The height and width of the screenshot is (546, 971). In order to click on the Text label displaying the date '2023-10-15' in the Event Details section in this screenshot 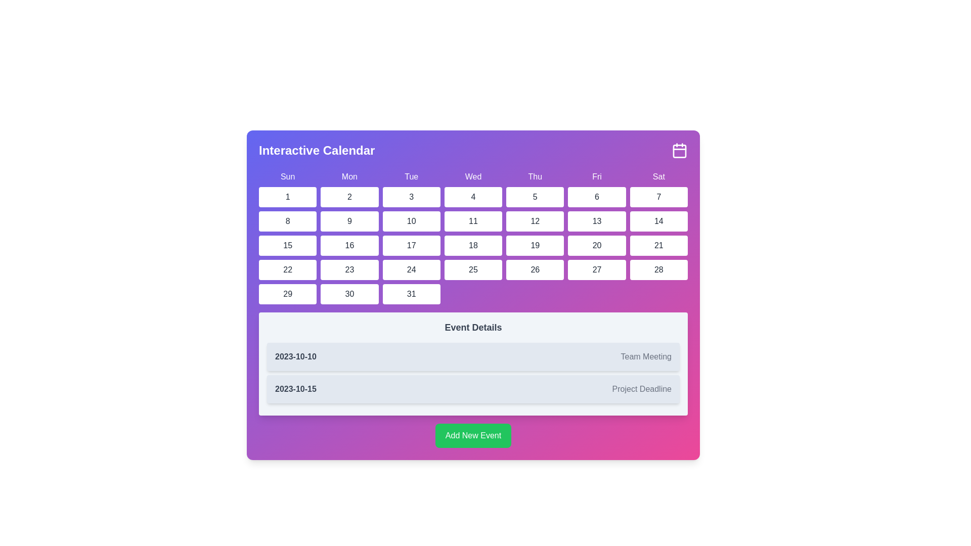, I will do `click(295, 389)`.